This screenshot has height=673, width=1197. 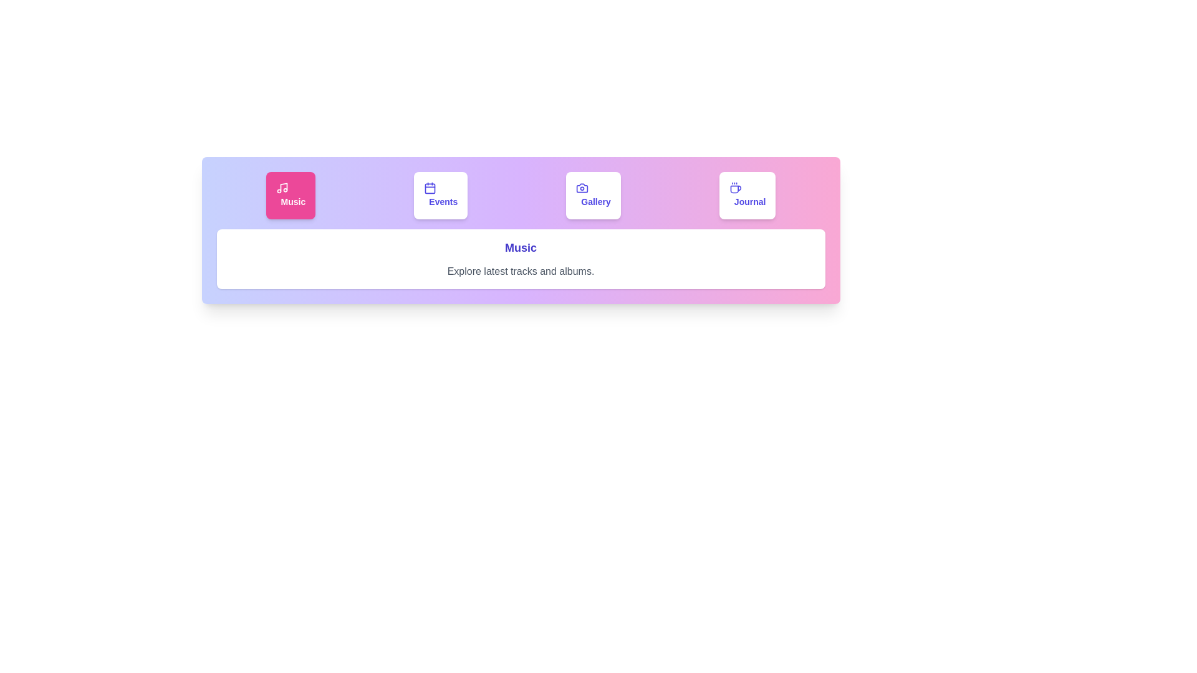 I want to click on the tab labeled Journal to select it, so click(x=748, y=195).